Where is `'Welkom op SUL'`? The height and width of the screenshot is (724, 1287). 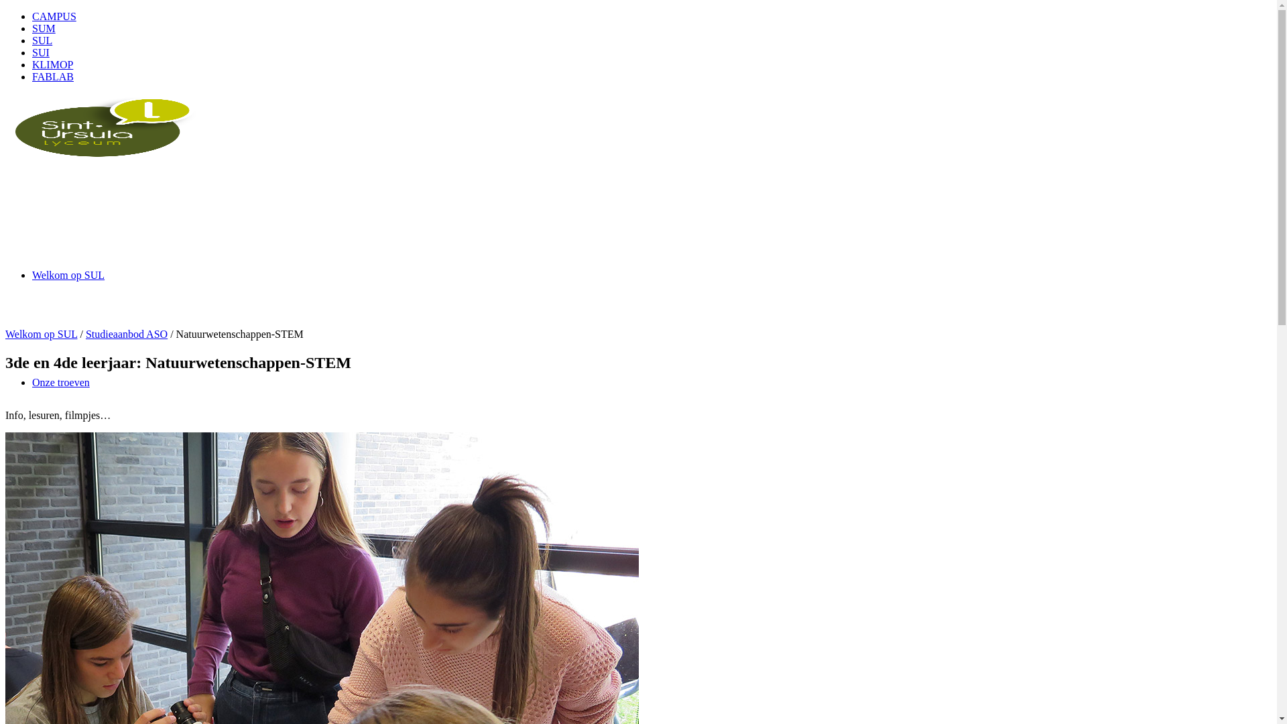 'Welkom op SUL' is located at coordinates (67, 274).